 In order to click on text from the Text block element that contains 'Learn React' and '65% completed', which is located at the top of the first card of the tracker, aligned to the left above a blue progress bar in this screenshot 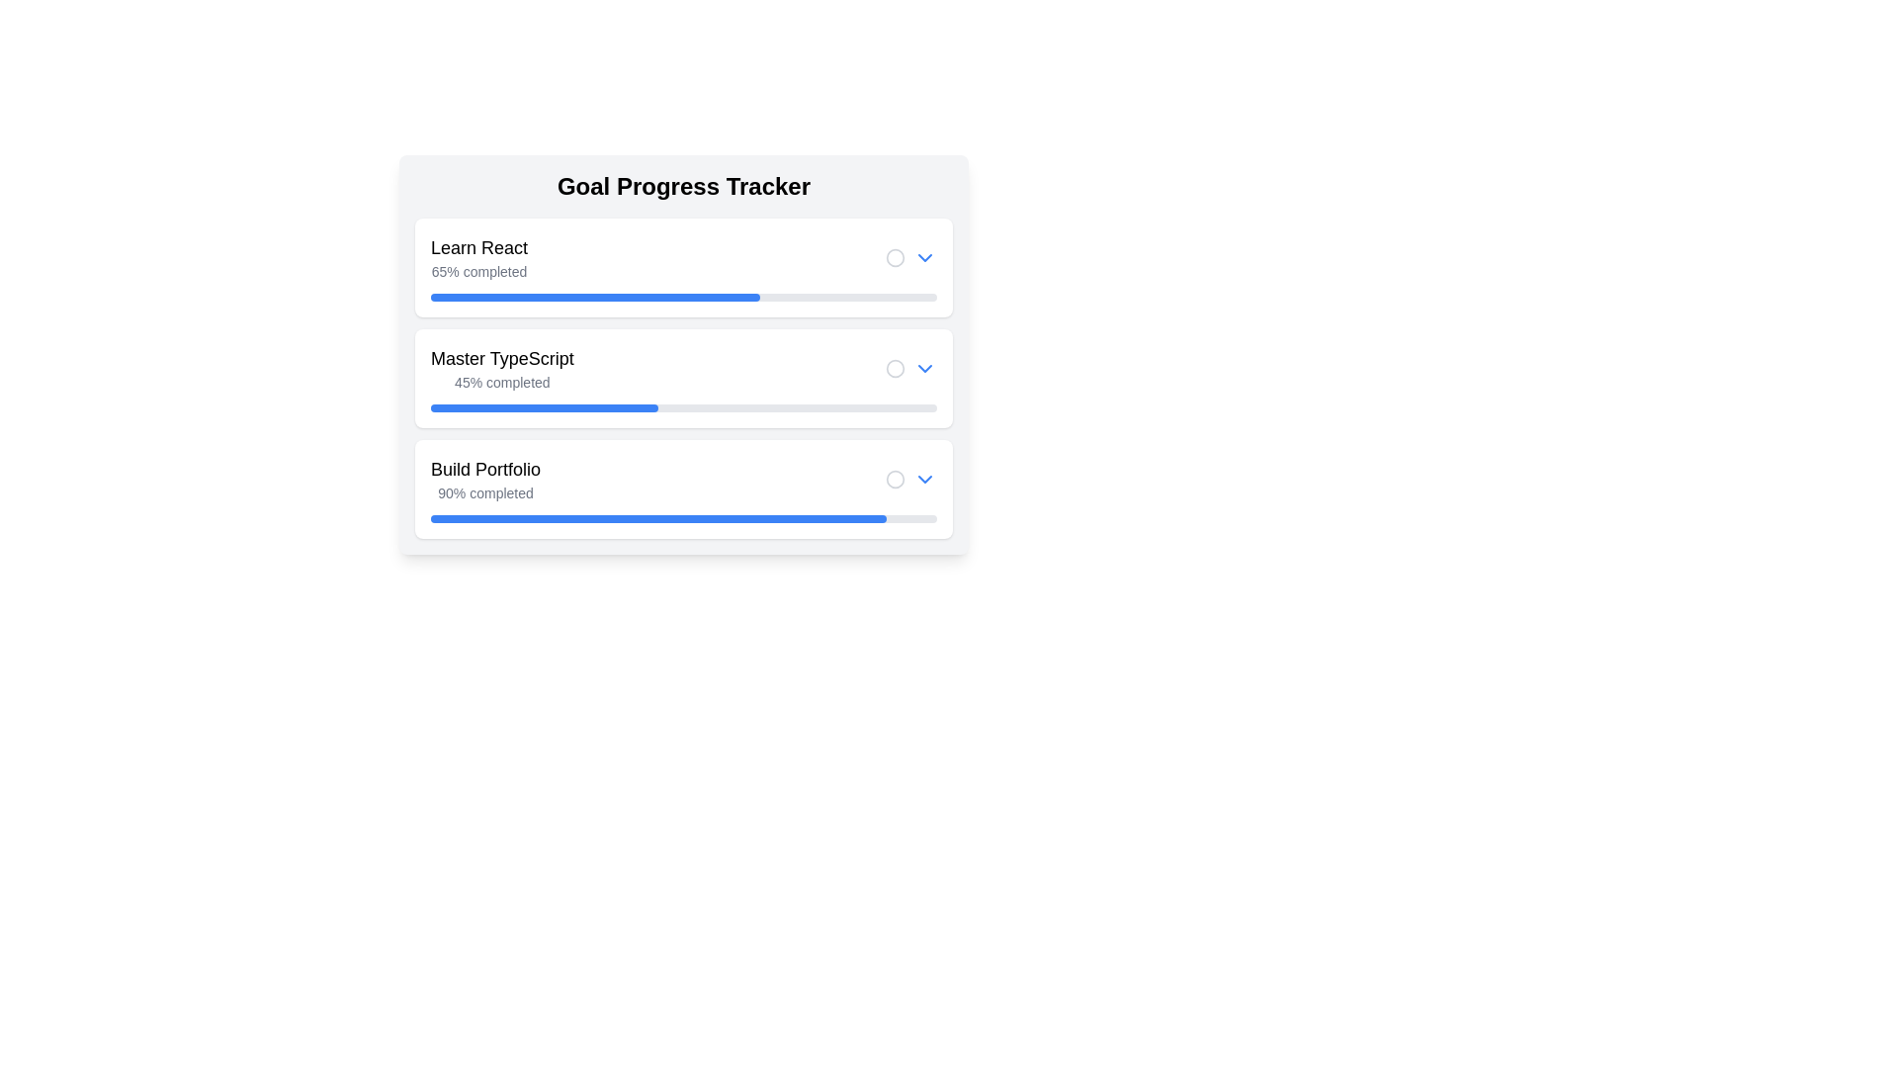, I will do `click(478, 257)`.